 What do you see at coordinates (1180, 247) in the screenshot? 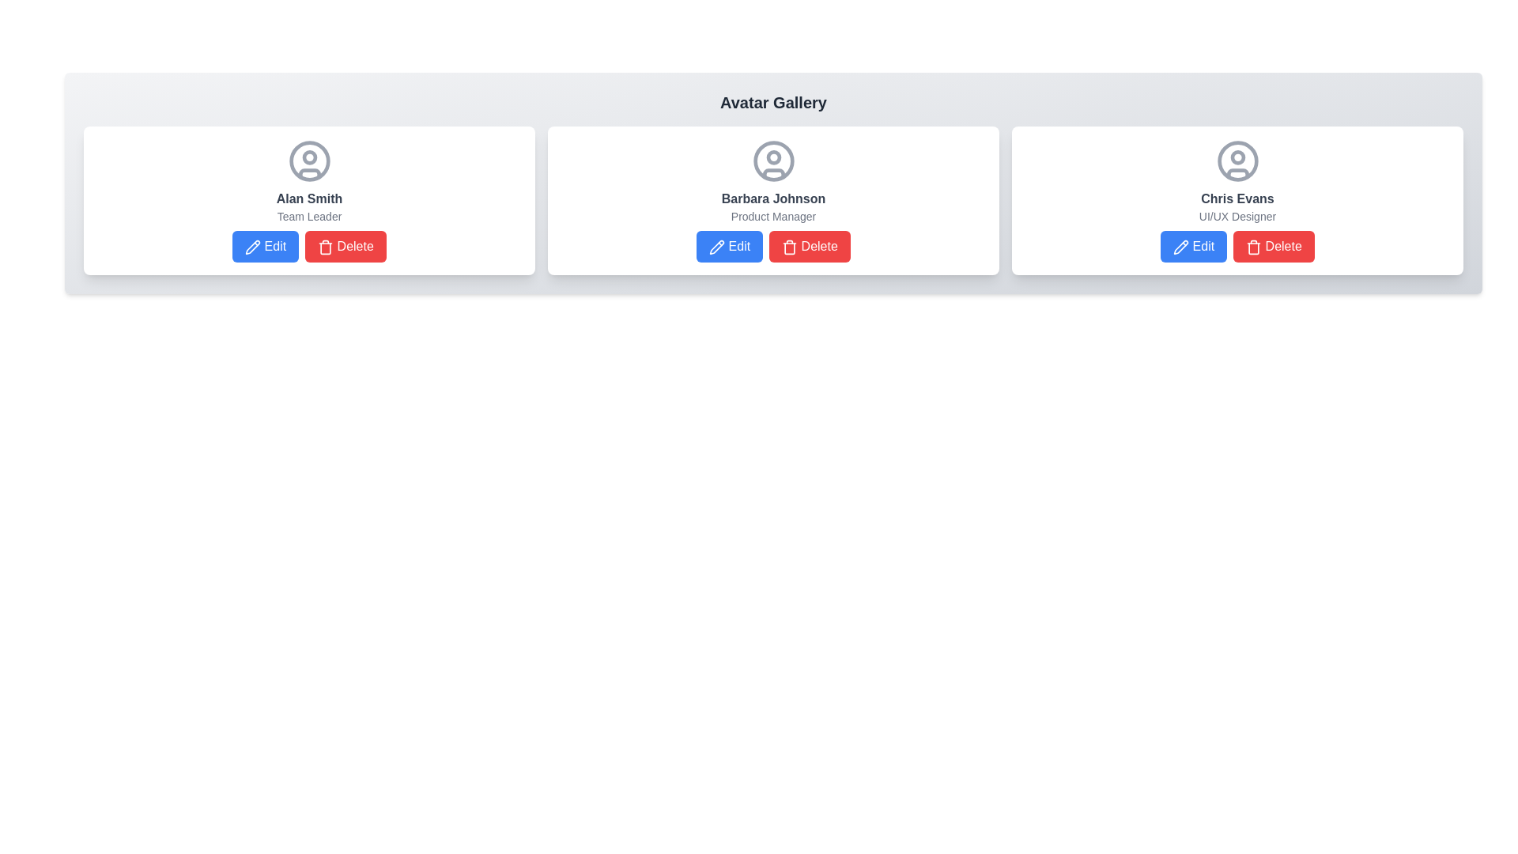
I see `the edit icon on the blue 'Edit' button next to the red 'Delete' button for the card corresponding to 'Chris Evans' in the 'Avatar Gallery' section to initiate the edit action` at bounding box center [1180, 247].